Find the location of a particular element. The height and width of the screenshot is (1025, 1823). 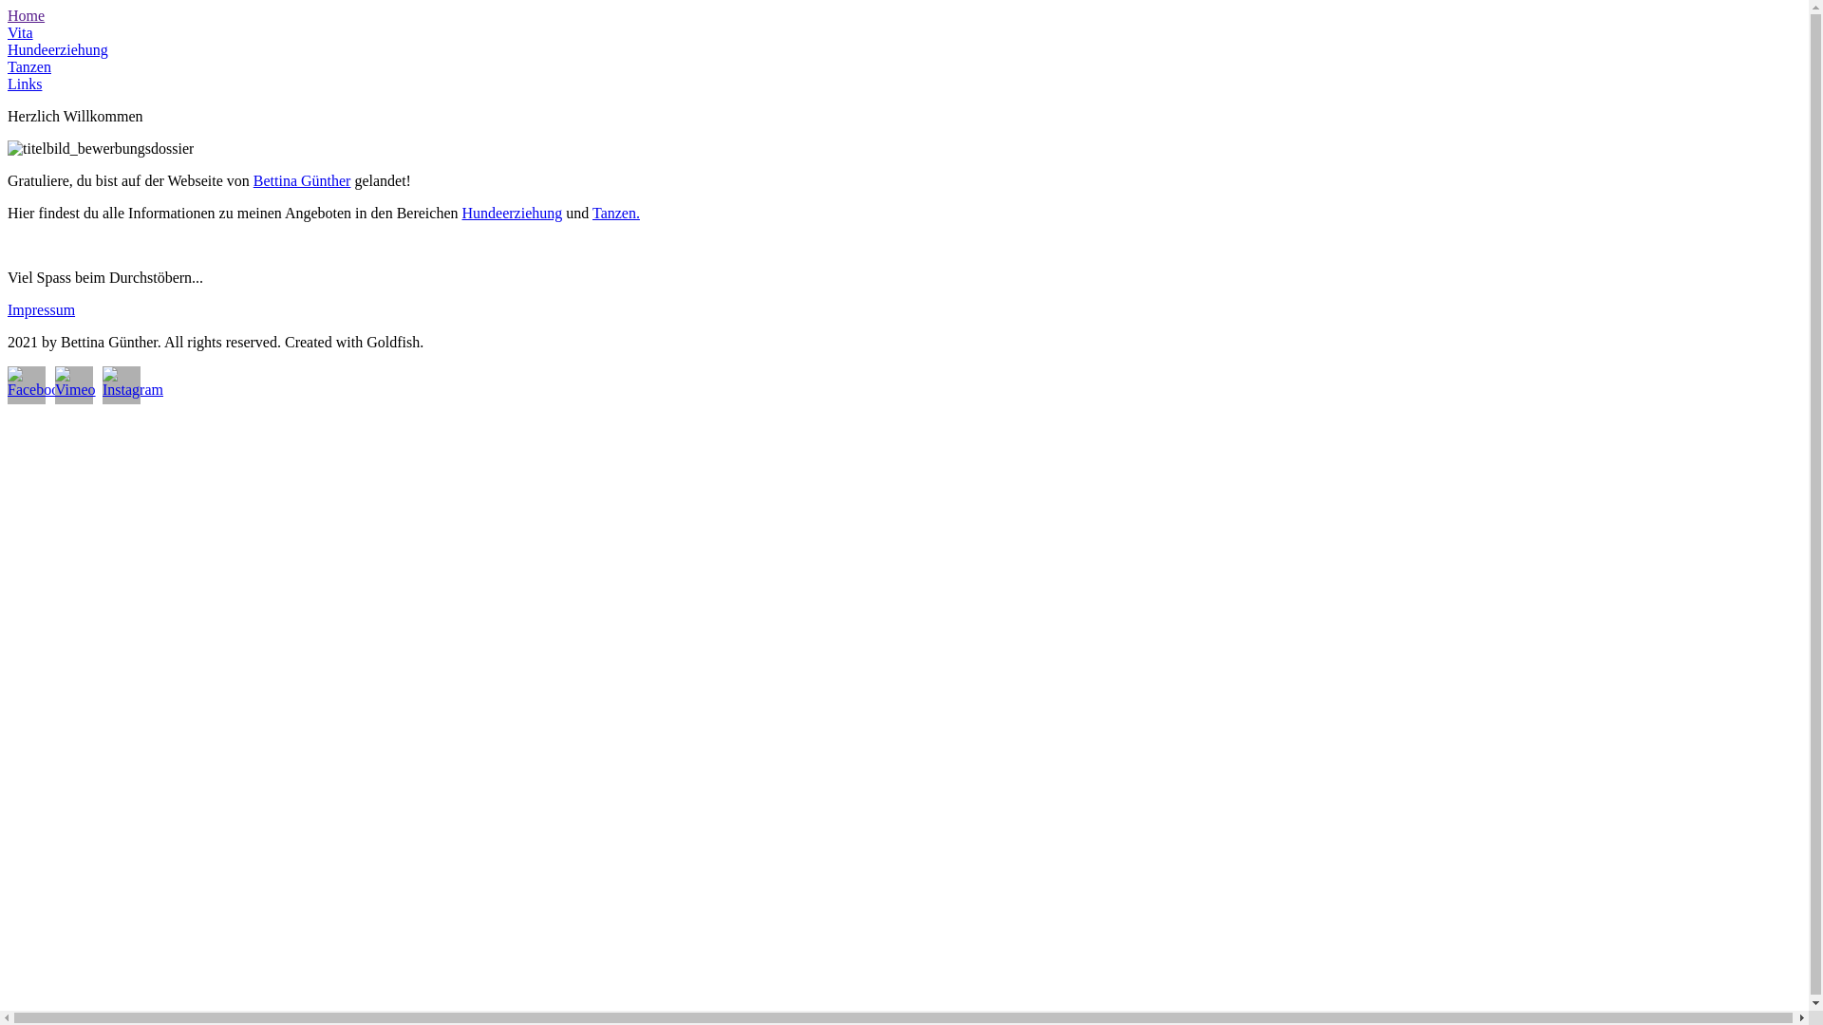

'Links' is located at coordinates (24, 83).